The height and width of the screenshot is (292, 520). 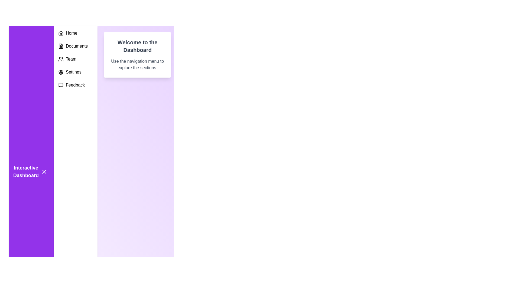 I want to click on the 'Feedback' menu option, which consists of the label 'Feedback' next to a speech bubble icon located at the bottom of the left-hand side vertical menu, so click(x=75, y=85).